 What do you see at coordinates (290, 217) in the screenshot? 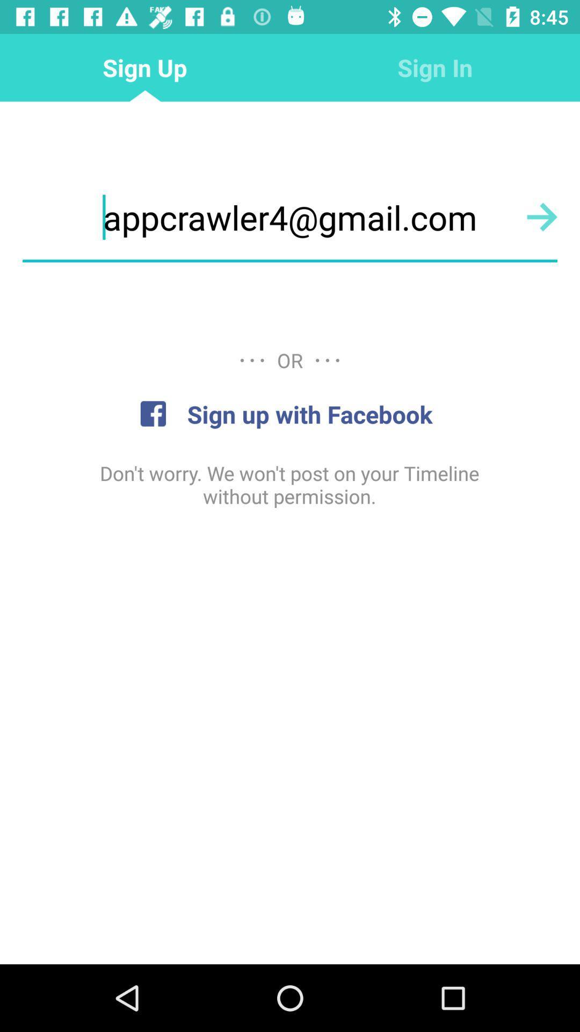
I see `appcrawler4@gmail.com icon` at bounding box center [290, 217].